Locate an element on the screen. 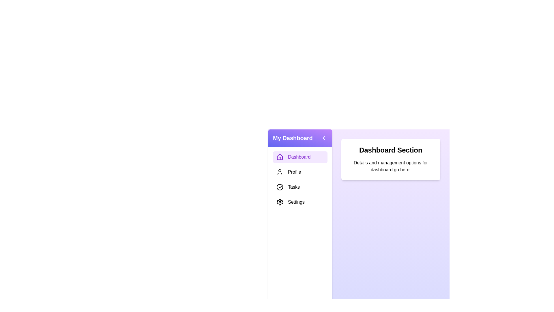 The height and width of the screenshot is (312, 554). the purple house-shaped icon in the left sidebar that represents the Dashboard is located at coordinates (280, 157).